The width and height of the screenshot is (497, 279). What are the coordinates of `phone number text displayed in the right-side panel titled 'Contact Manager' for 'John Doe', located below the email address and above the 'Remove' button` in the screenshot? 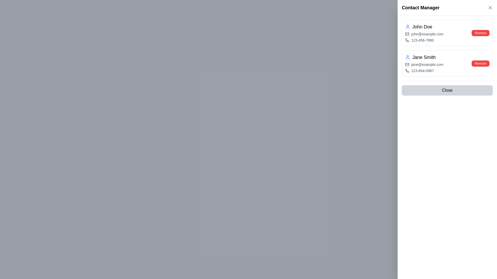 It's located at (424, 40).